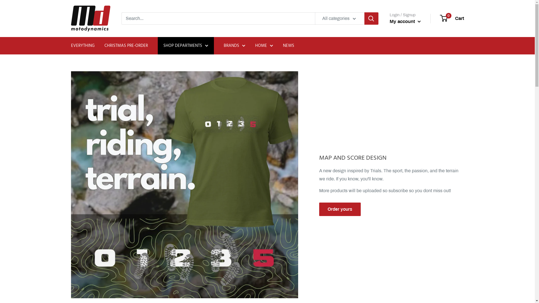 This screenshot has width=539, height=303. I want to click on '0, so click(452, 18).